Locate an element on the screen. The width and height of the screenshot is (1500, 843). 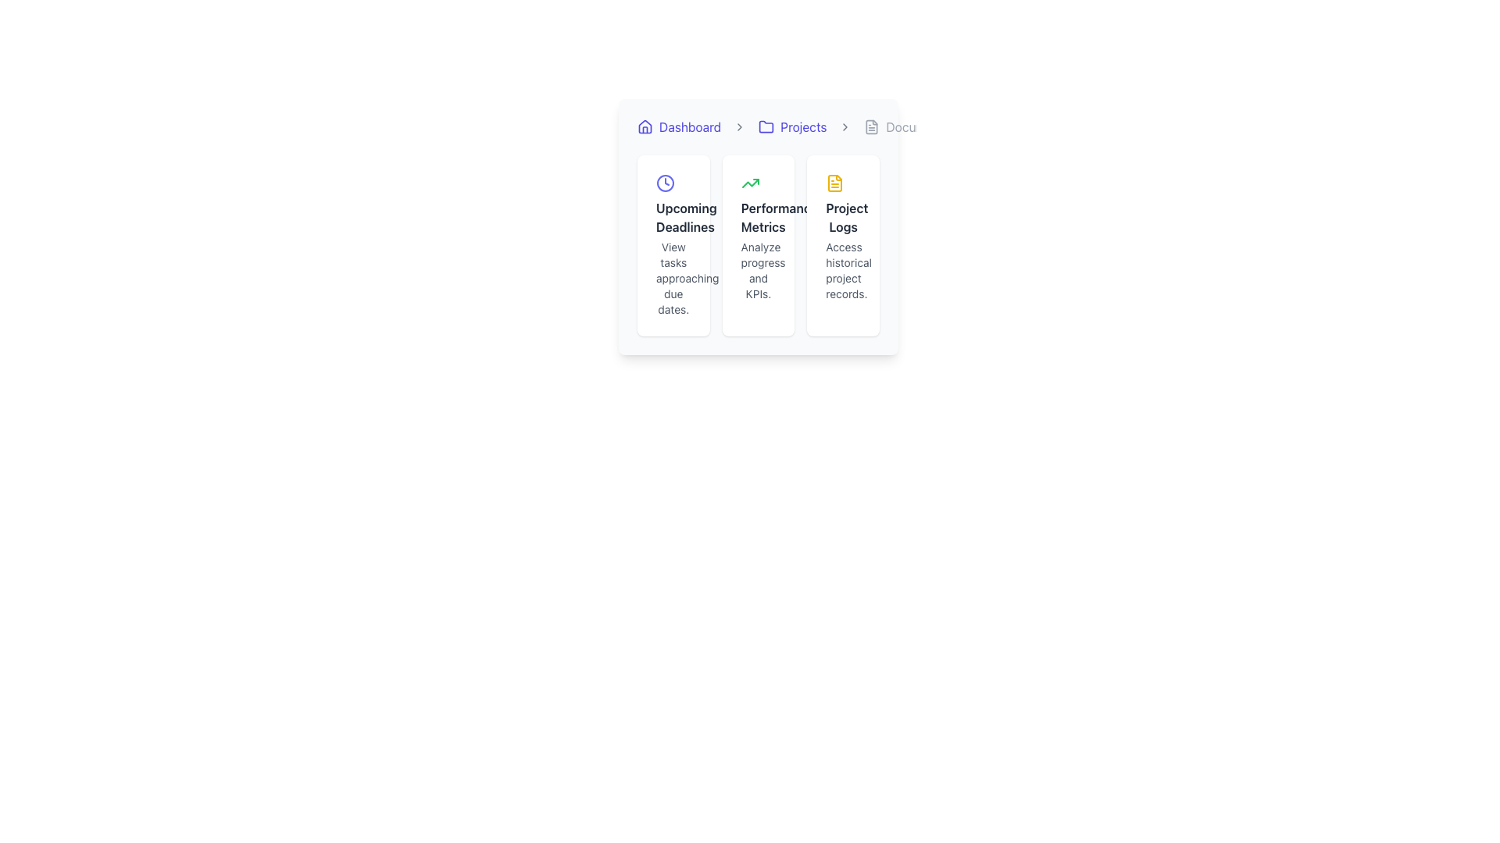
the yellow document icon located at the top of the 'Project Logs' card, which is the rightmost card in a horizontal layout of three cards is located at coordinates (834, 183).